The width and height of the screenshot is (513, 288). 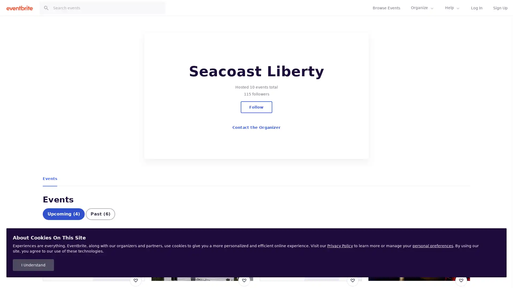 I want to click on Upcoming (4), so click(x=64, y=223).